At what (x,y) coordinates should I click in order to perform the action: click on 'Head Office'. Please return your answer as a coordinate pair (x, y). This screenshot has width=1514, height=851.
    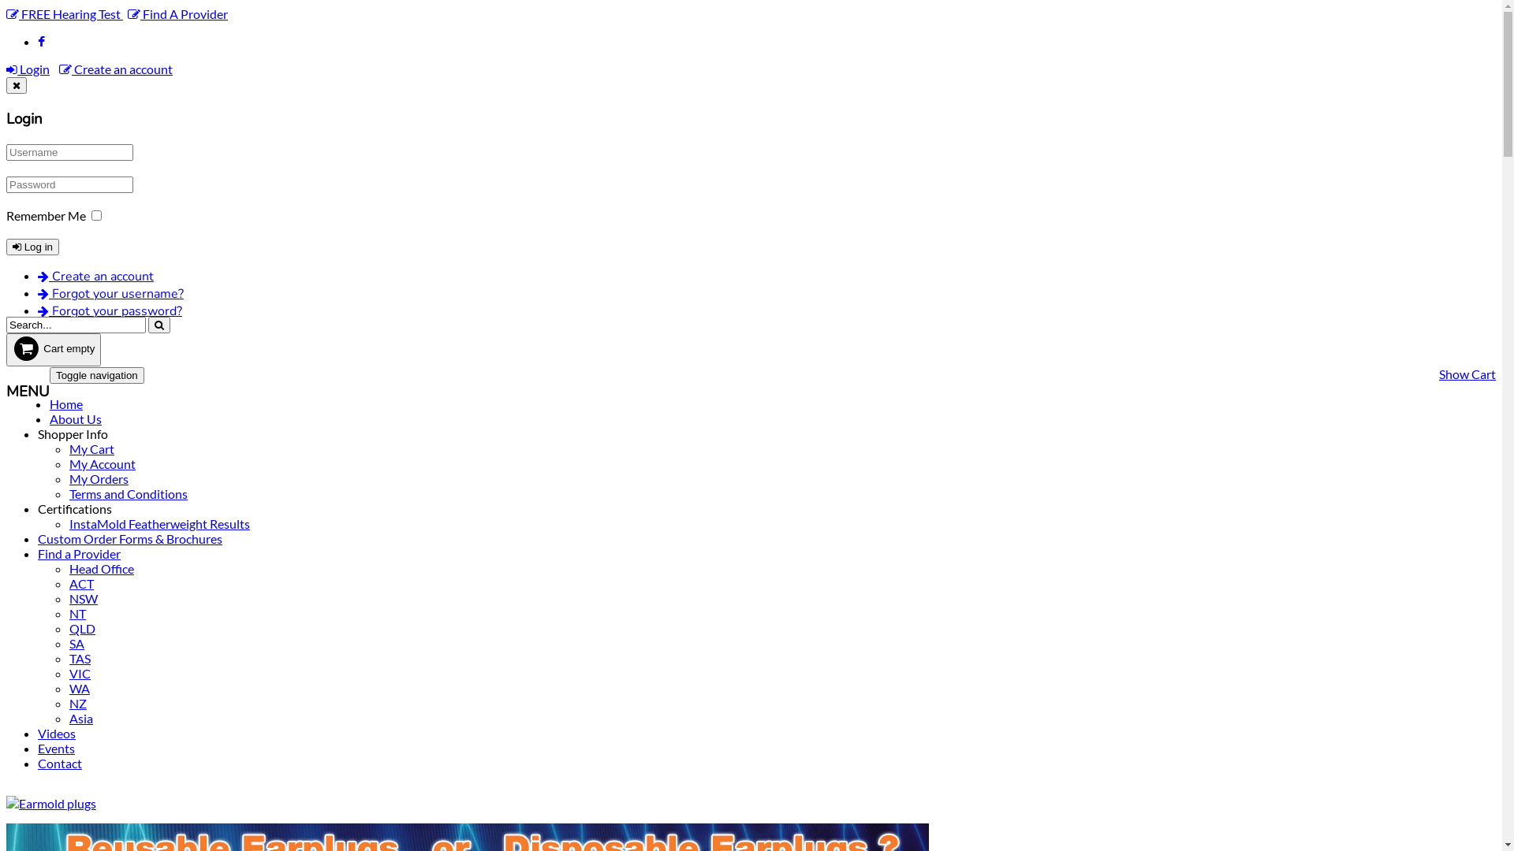
    Looking at the image, I should click on (101, 568).